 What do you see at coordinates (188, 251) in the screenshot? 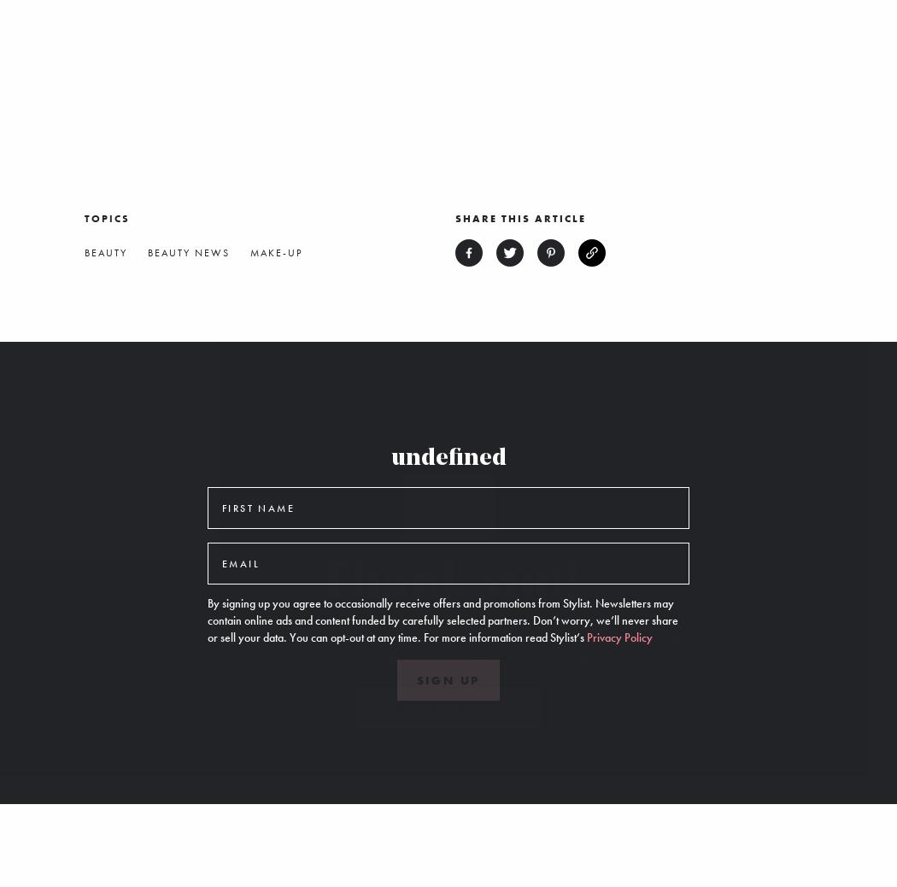
I see `'Beauty News'` at bounding box center [188, 251].